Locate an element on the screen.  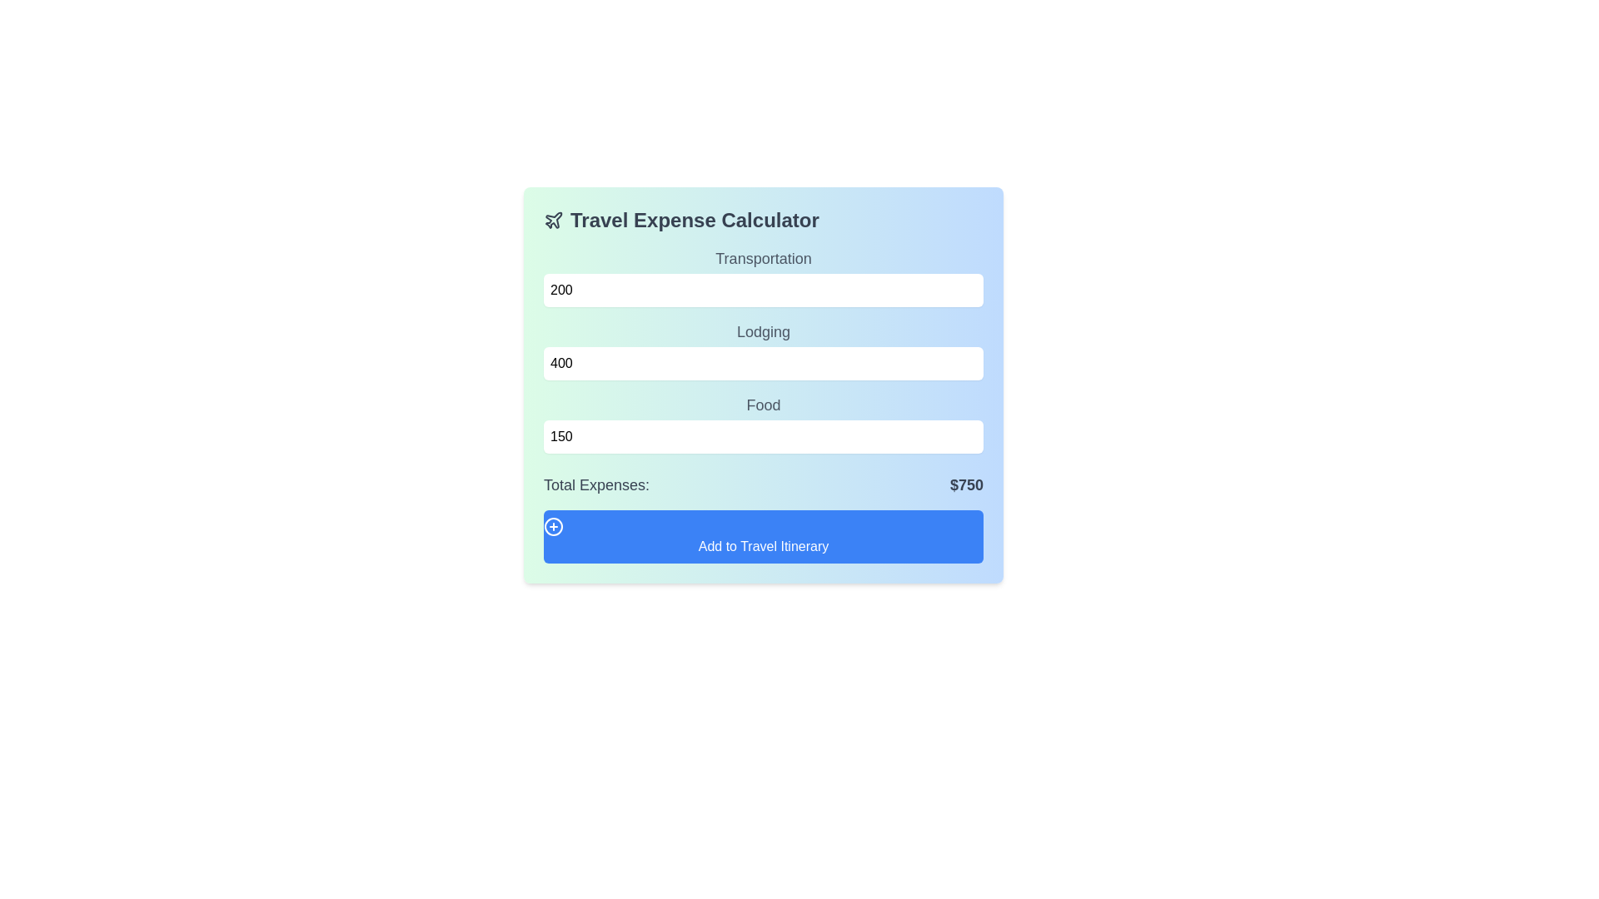
the circular SVG graphic element that indicates an action related to adding or creating, located near the bottom-left corner of the content area, adjacent to the 'Add to Travel Itinerary' button is located at coordinates (554, 526).